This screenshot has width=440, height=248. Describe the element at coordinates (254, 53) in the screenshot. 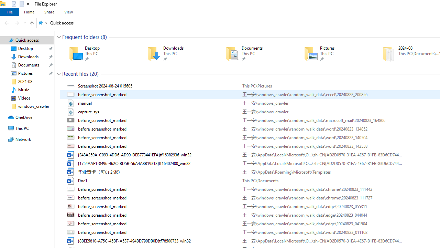

I see `'Documents'` at that location.